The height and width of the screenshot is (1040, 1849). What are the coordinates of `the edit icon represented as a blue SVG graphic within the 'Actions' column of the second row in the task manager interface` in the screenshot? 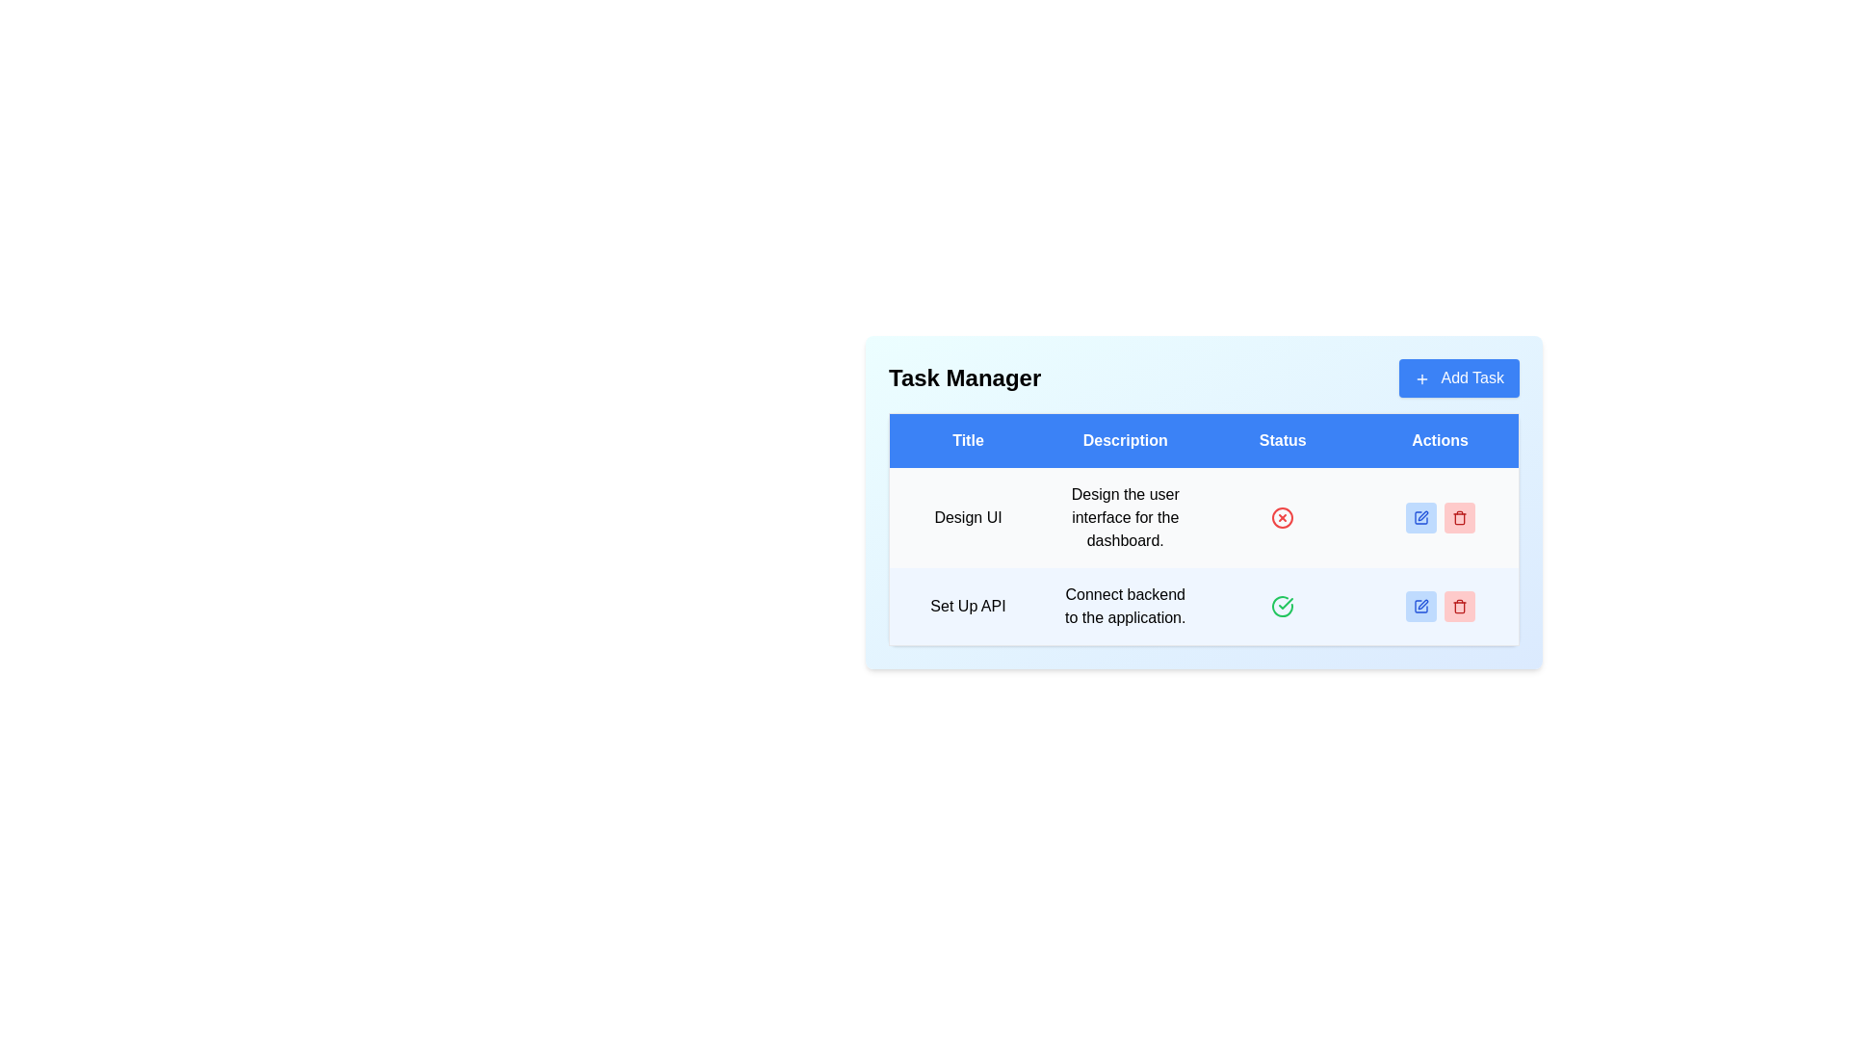 It's located at (1420, 516).